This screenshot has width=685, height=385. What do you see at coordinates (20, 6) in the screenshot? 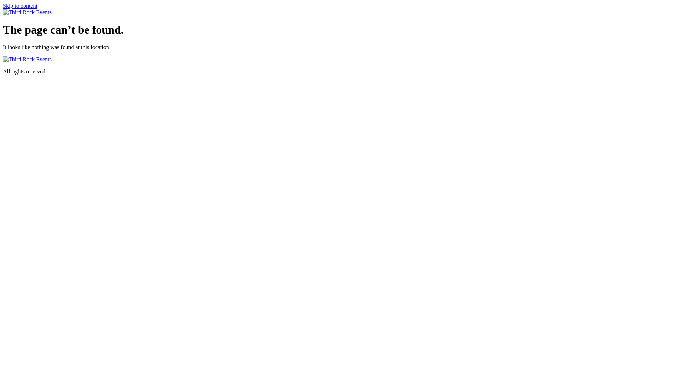
I see `'Skip to content'` at bounding box center [20, 6].